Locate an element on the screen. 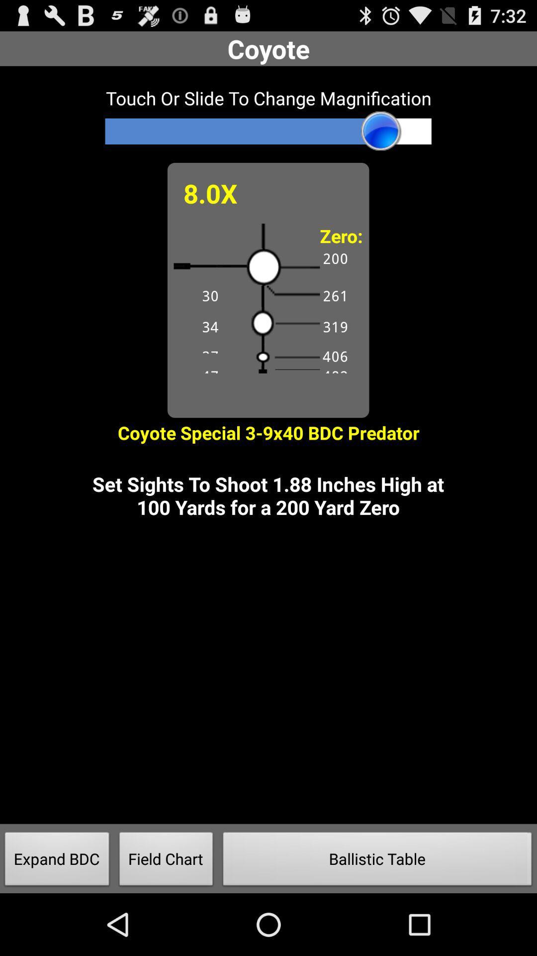  ballistic table icon is located at coordinates (377, 861).